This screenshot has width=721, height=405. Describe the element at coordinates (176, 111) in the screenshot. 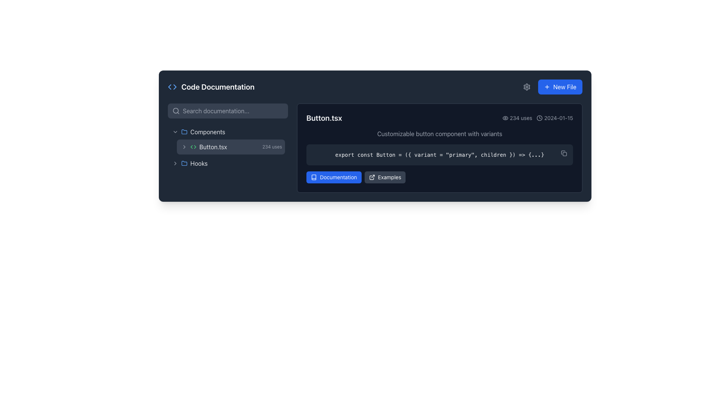

I see `the search icon depicting a magnifying glass located on the left side of the search input box at the top left corner of the interface` at that location.